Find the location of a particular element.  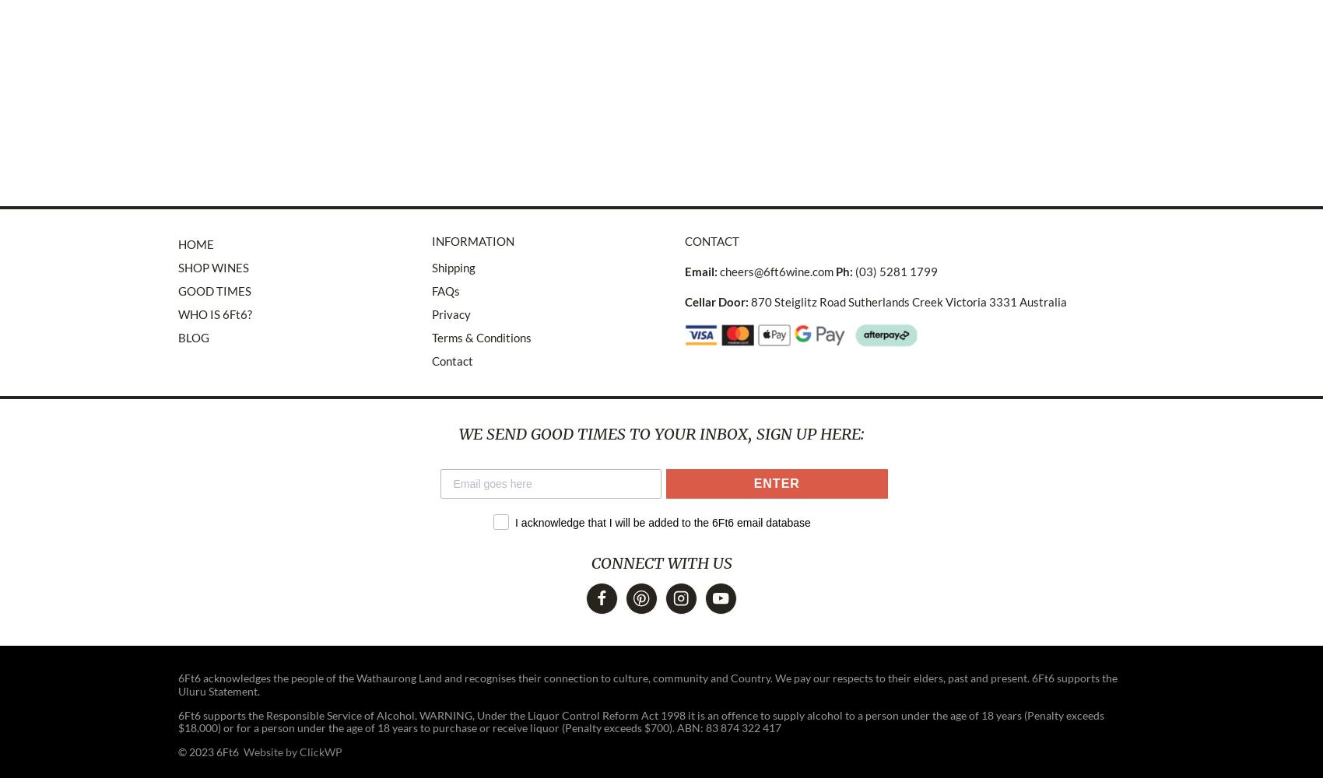

'WHO IS 6Ft6?' is located at coordinates (177, 314).